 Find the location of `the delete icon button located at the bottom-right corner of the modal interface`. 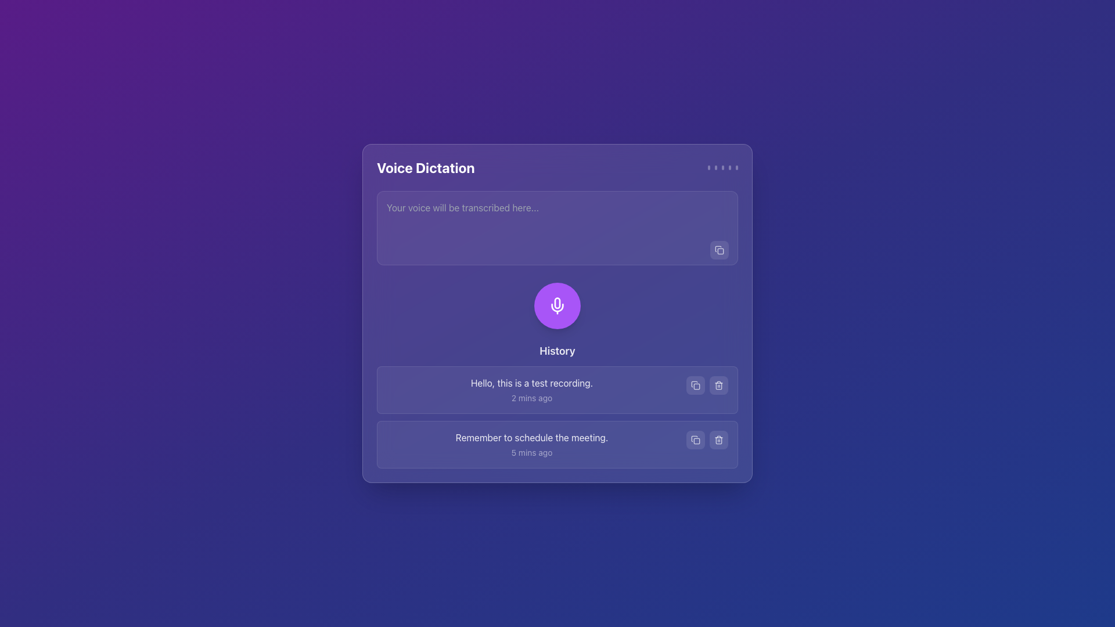

the delete icon button located at the bottom-right corner of the modal interface is located at coordinates (718, 385).